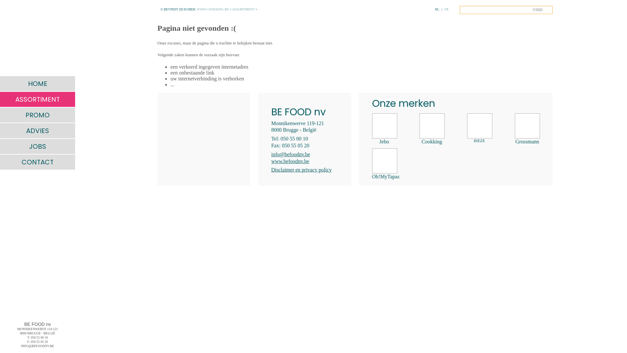  What do you see at coordinates (290, 154) in the screenshot?
I see `'info@befoodnv.be'` at bounding box center [290, 154].